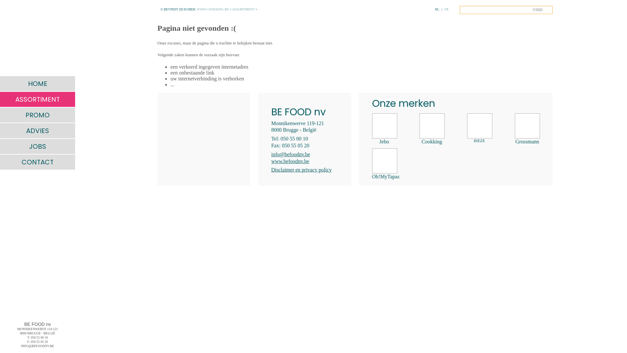  What do you see at coordinates (290, 154) in the screenshot?
I see `'info@befoodnv.be'` at bounding box center [290, 154].